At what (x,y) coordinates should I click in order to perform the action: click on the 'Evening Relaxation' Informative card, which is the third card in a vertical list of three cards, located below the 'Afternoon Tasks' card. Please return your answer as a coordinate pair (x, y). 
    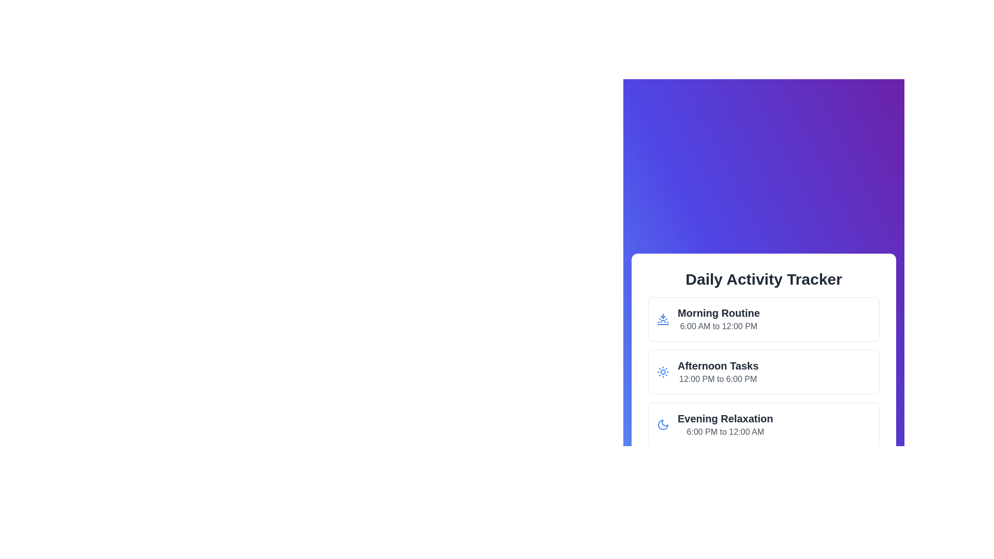
    Looking at the image, I should click on (764, 425).